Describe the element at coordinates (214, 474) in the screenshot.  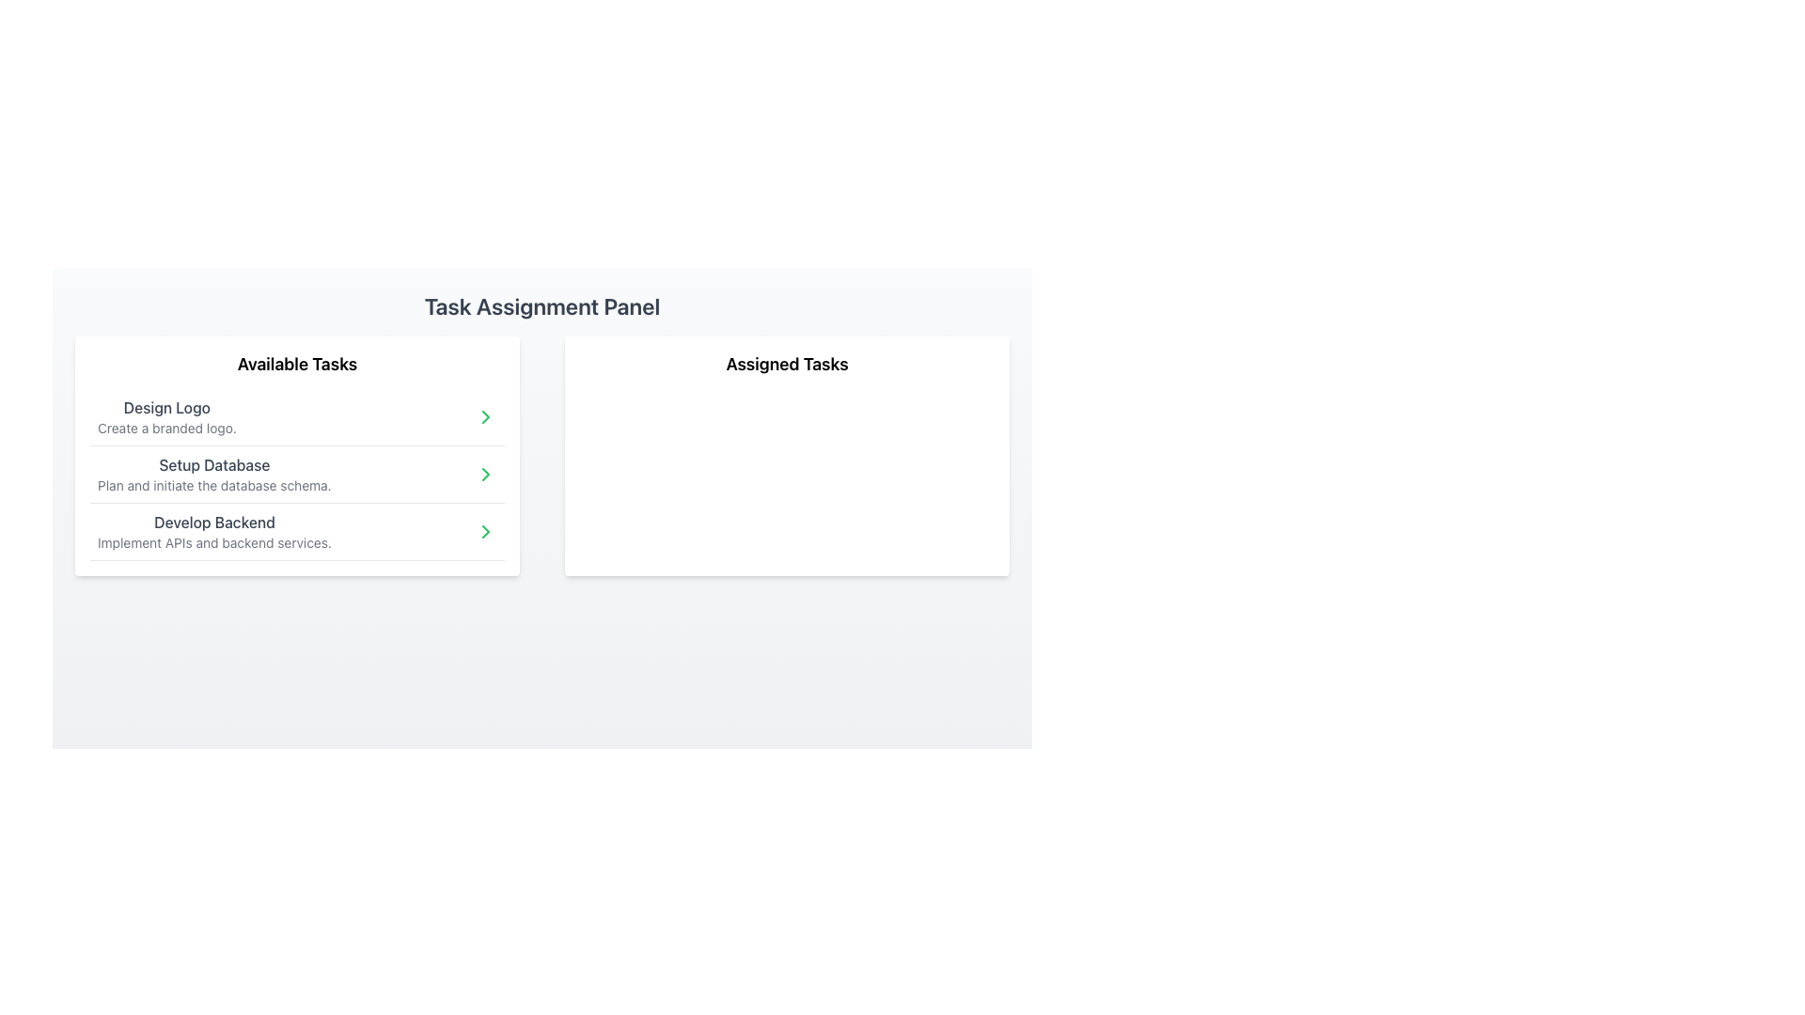
I see `text of the second task option in the 'Available Tasks' panel, which describes the task 'Setup Database'` at that location.